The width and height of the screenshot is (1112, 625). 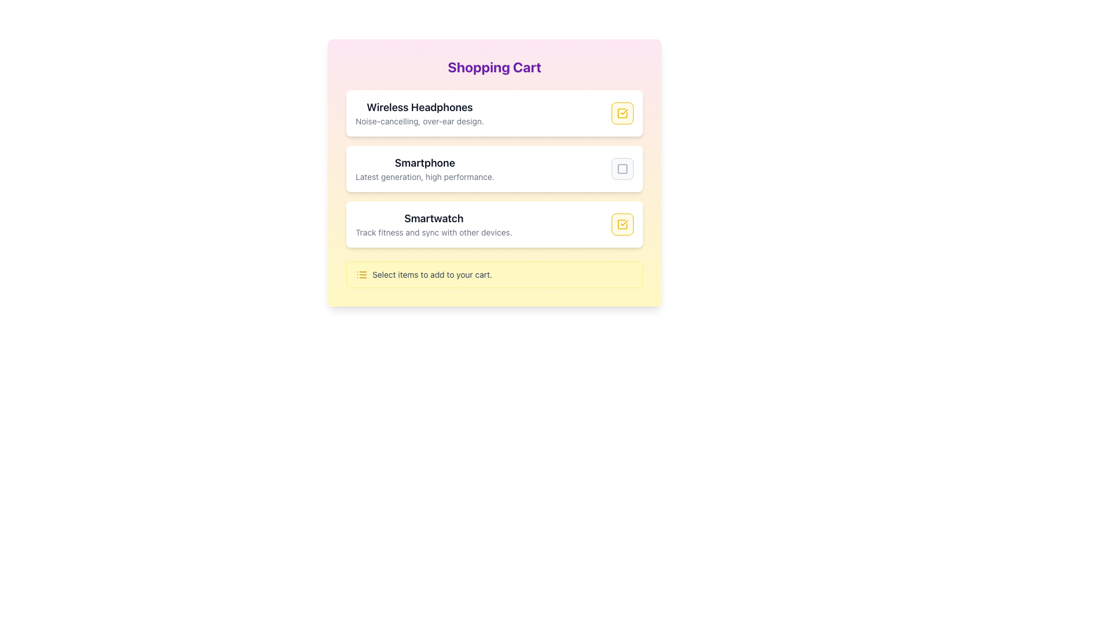 I want to click on the yellow square checkbox with a bold outline and checkmark, located, so click(x=622, y=225).